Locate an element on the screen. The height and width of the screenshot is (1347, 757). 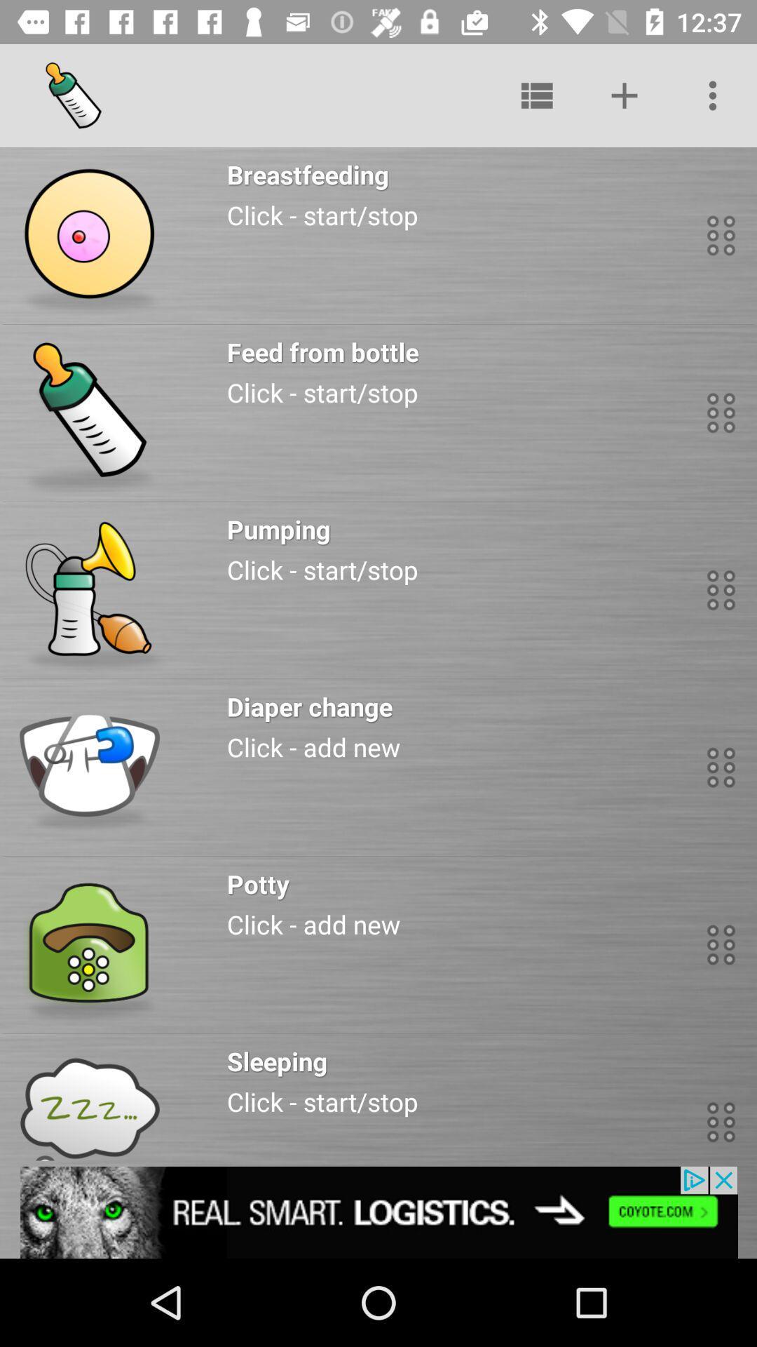
announcement is located at coordinates (378, 1212).